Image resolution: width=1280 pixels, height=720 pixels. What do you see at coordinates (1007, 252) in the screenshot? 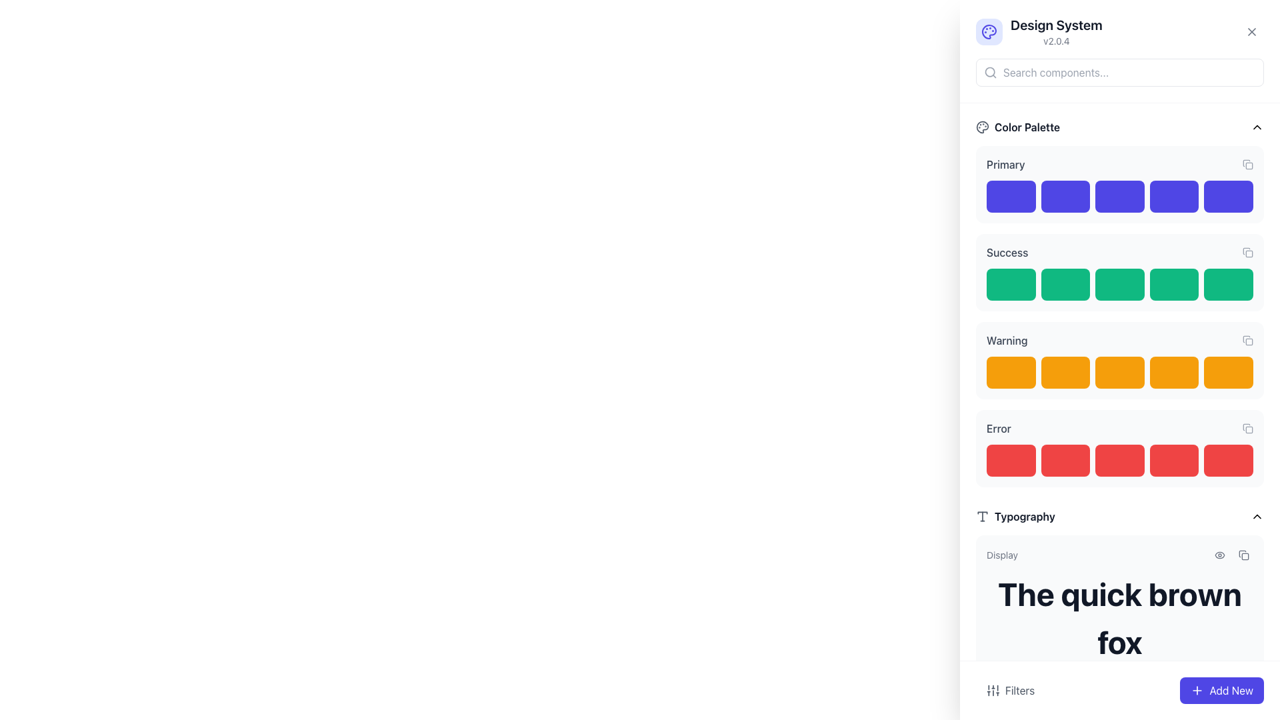
I see `the 'Success' text label located in the 'Color Palette' section, positioned above the green color swatches` at bounding box center [1007, 252].